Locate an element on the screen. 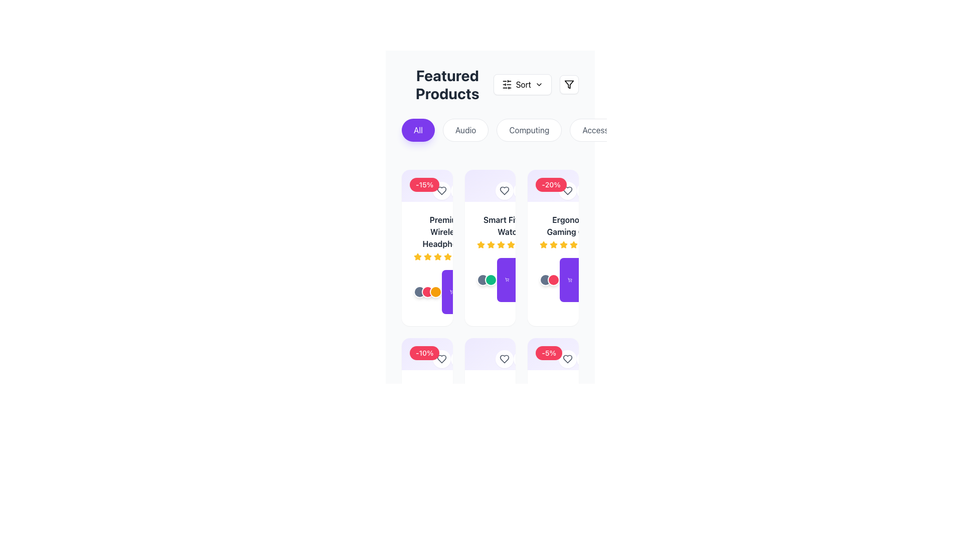 This screenshot has width=963, height=541. the second button in the group of circle-shaped interactive icons above product cards is located at coordinates (459, 191).